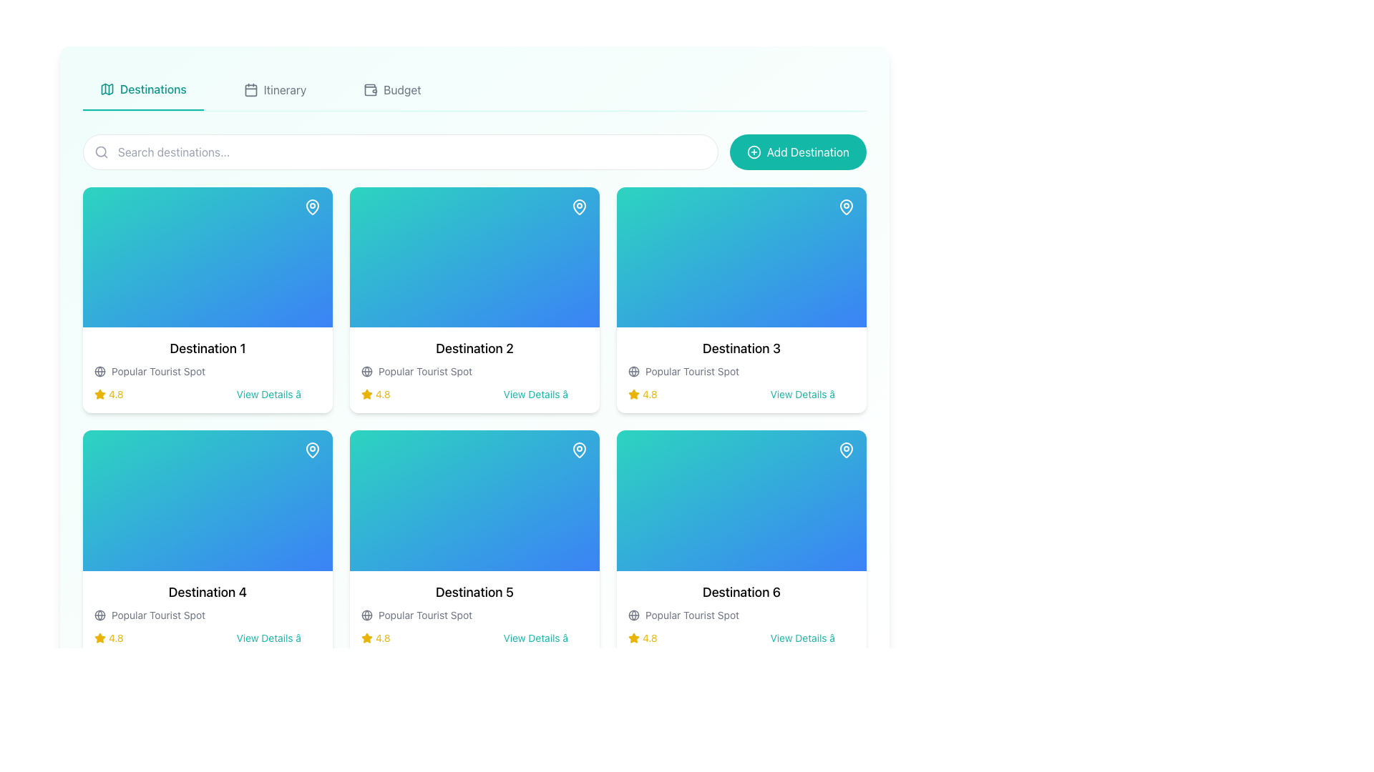  Describe the element at coordinates (207, 592) in the screenshot. I see `text label 'Destination 4' which is the topmost text within the fourth card in the second row of a grid layout` at that location.